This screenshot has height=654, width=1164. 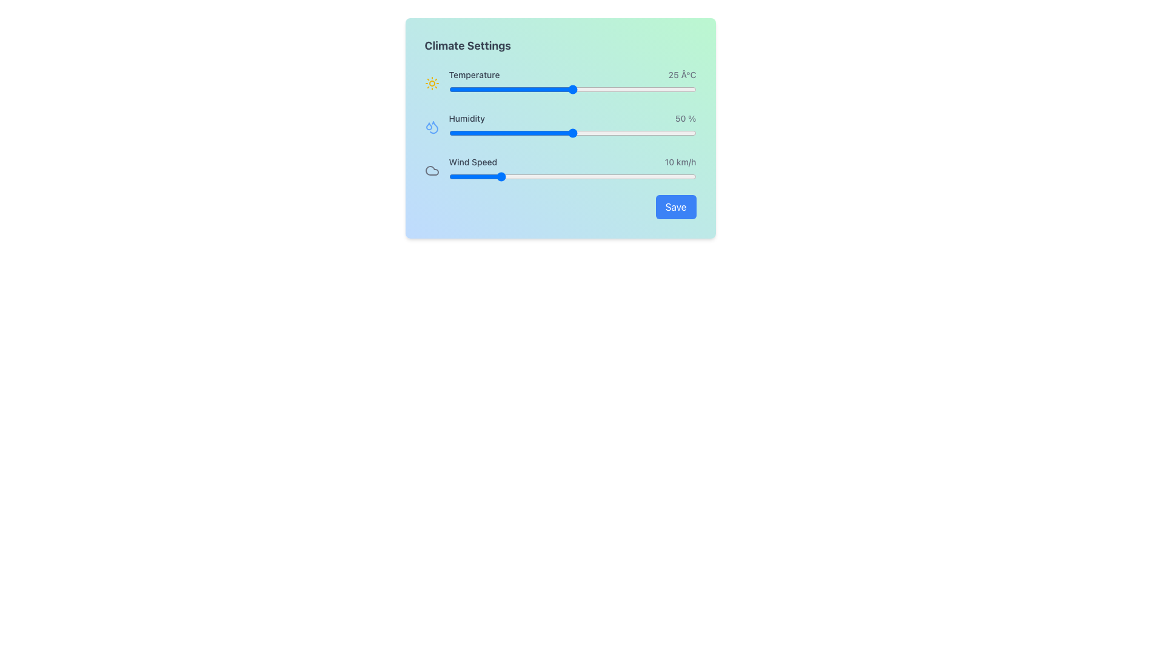 I want to click on the '50 %' static text element that displays the humidity percentage, which is styled in gray and positioned next to the 'Humidity' label, so click(x=686, y=119).